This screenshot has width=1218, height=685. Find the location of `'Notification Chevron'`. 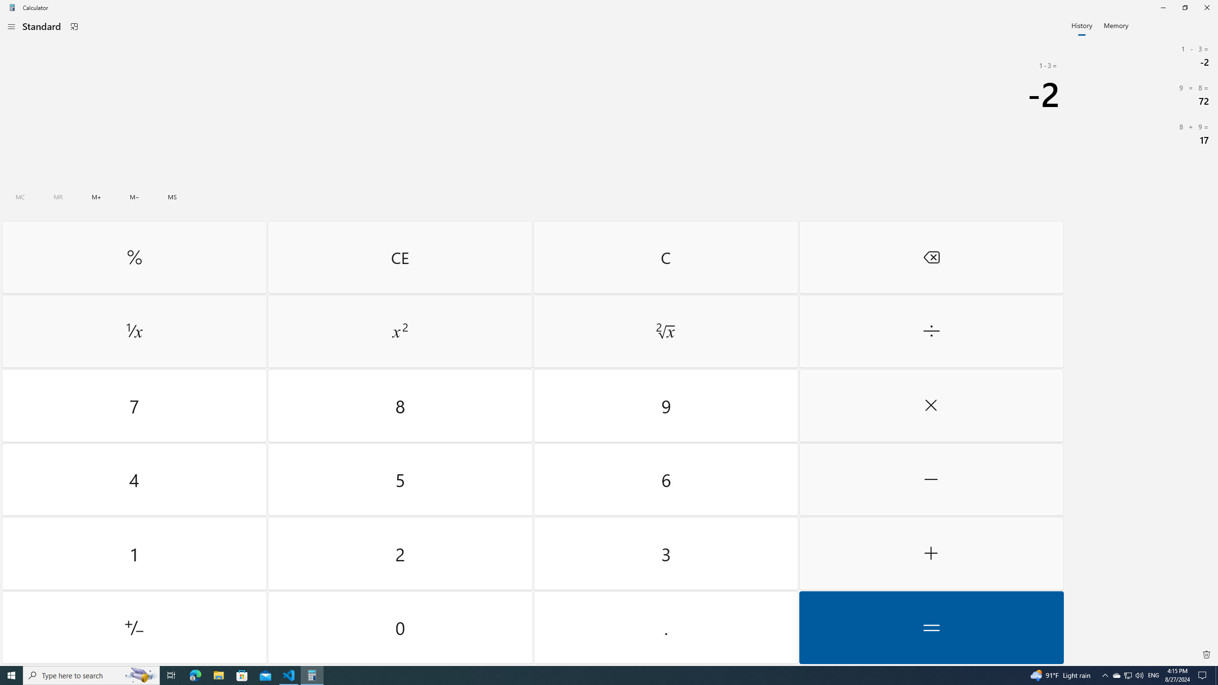

'Notification Chevron' is located at coordinates (1105, 675).